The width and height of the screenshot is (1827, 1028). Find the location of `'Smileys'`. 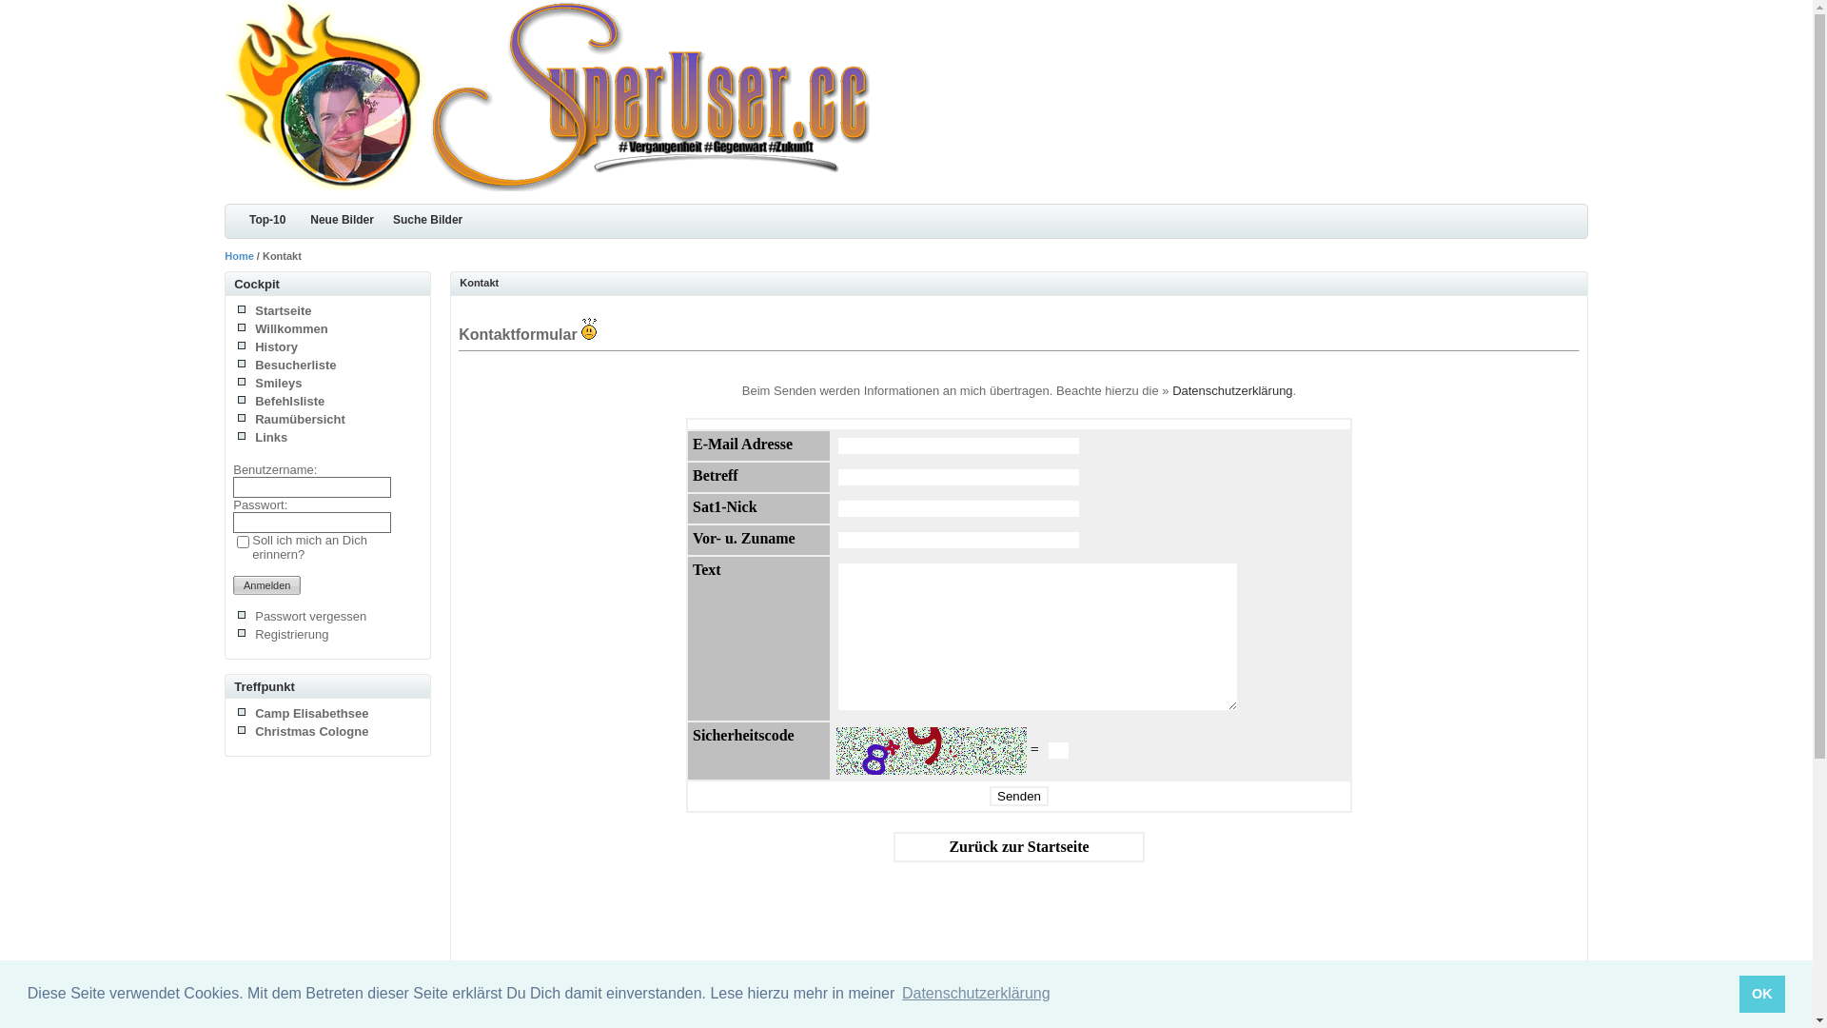

'Smileys' is located at coordinates (277, 383).